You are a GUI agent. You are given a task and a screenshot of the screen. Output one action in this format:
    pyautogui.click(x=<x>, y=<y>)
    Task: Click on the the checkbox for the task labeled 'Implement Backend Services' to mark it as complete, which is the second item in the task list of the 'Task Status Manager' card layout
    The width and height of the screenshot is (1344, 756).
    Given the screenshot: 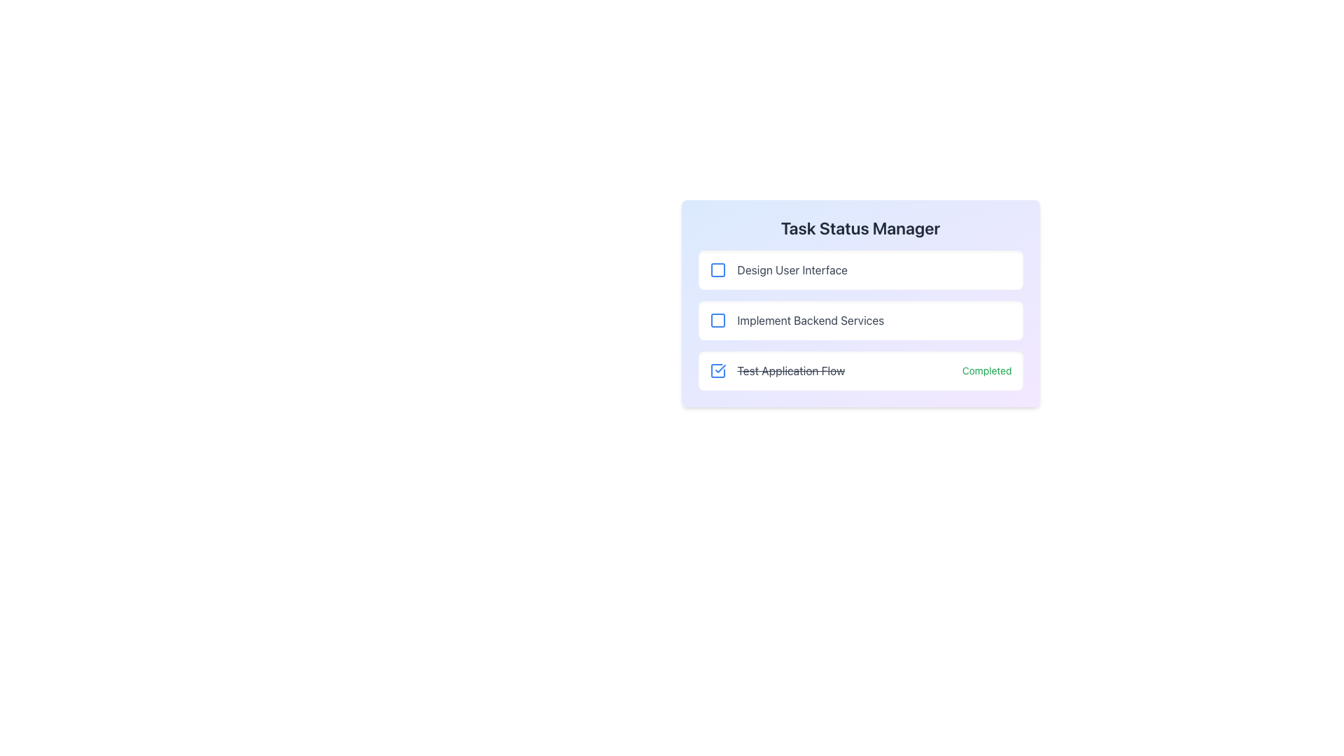 What is the action you would take?
    pyautogui.click(x=860, y=321)
    